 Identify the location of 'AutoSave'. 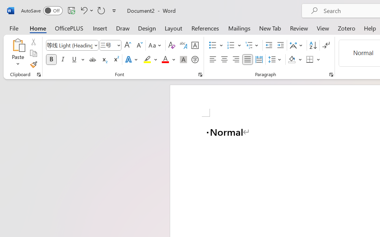
(41, 10).